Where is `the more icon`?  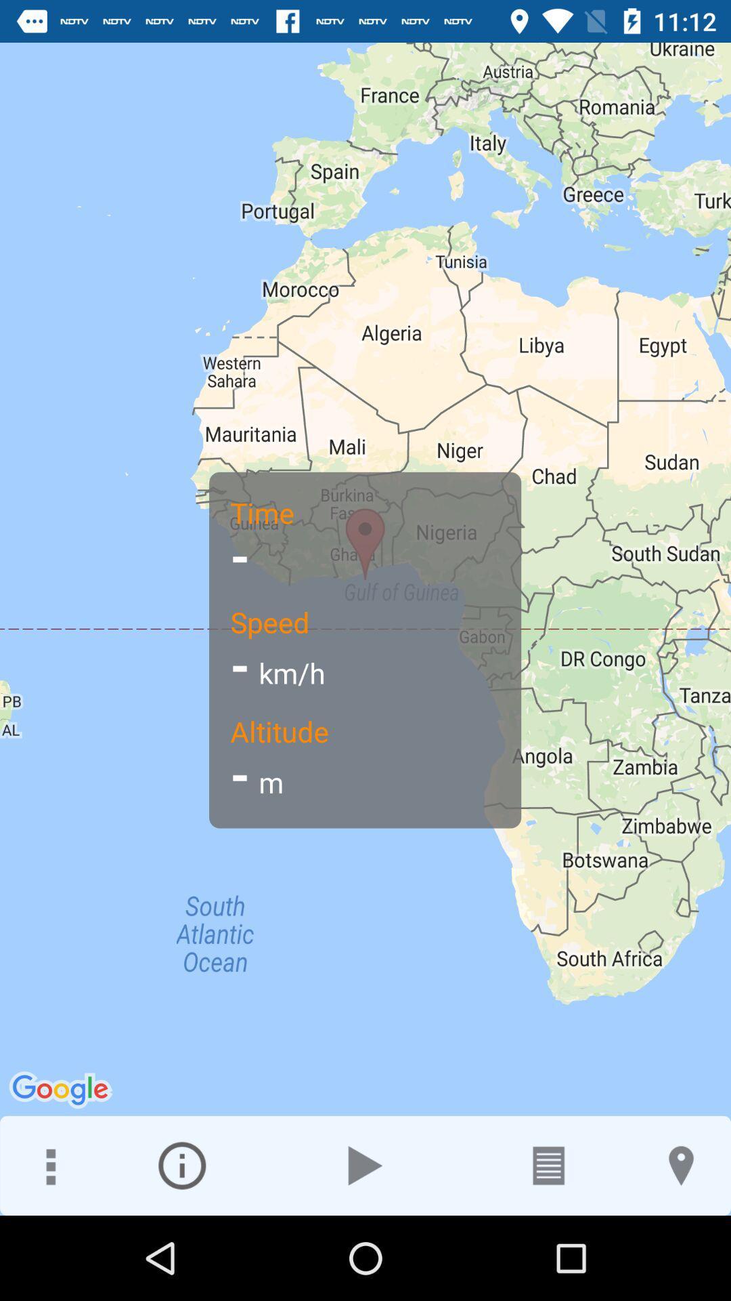
the more icon is located at coordinates (49, 1165).